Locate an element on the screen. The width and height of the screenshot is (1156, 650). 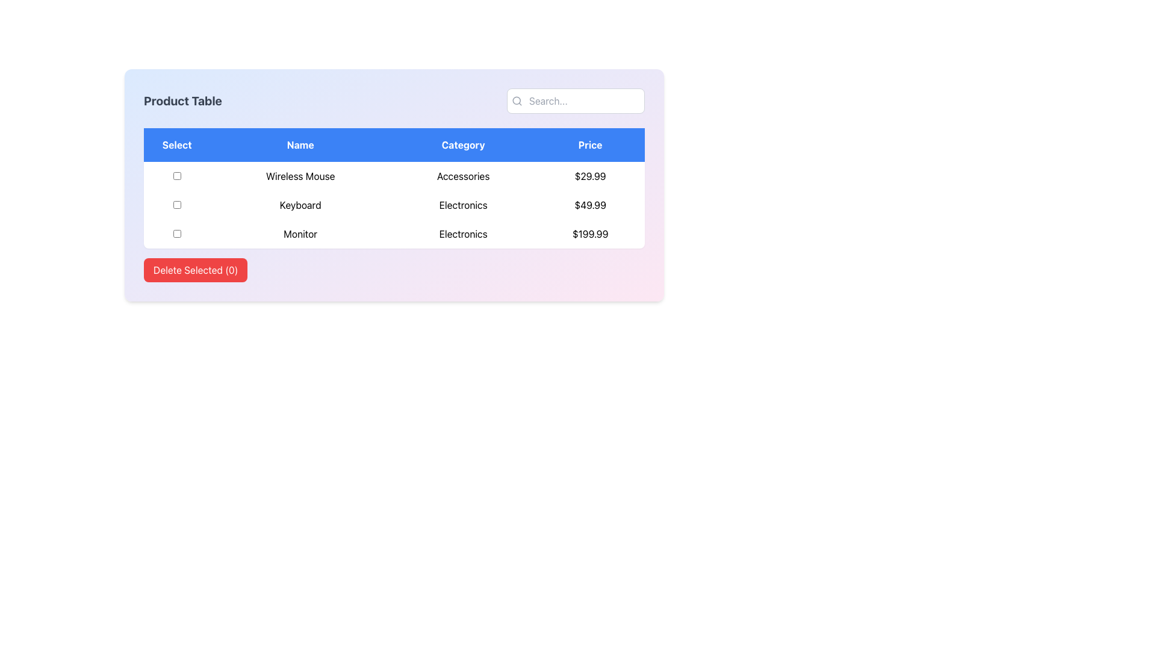
the 'Name' column header in the table, which is the second header positioned between 'Select' and 'Category' is located at coordinates (300, 144).